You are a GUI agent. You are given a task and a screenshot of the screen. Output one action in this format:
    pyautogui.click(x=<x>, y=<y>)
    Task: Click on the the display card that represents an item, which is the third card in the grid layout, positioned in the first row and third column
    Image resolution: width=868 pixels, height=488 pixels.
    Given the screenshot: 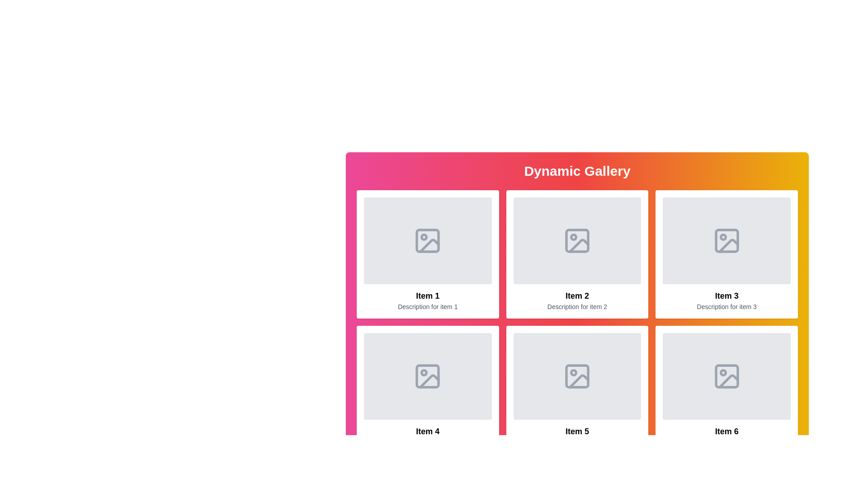 What is the action you would take?
    pyautogui.click(x=726, y=254)
    